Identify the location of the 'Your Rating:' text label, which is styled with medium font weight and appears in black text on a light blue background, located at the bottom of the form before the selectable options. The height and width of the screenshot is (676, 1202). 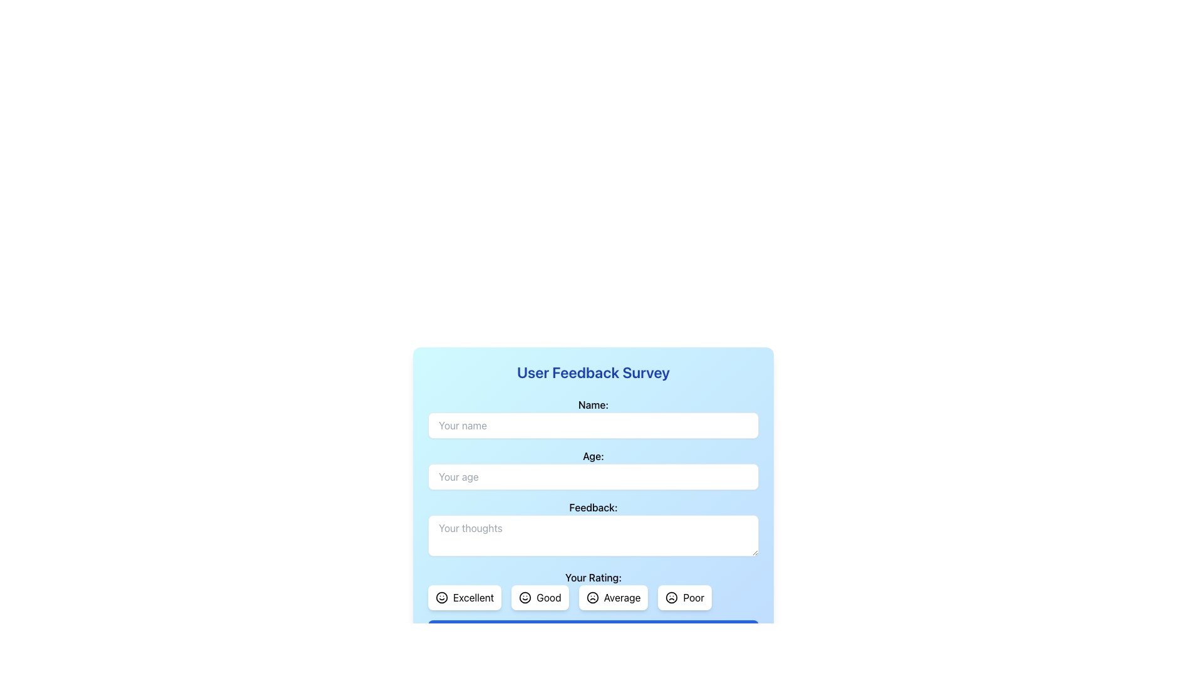
(593, 577).